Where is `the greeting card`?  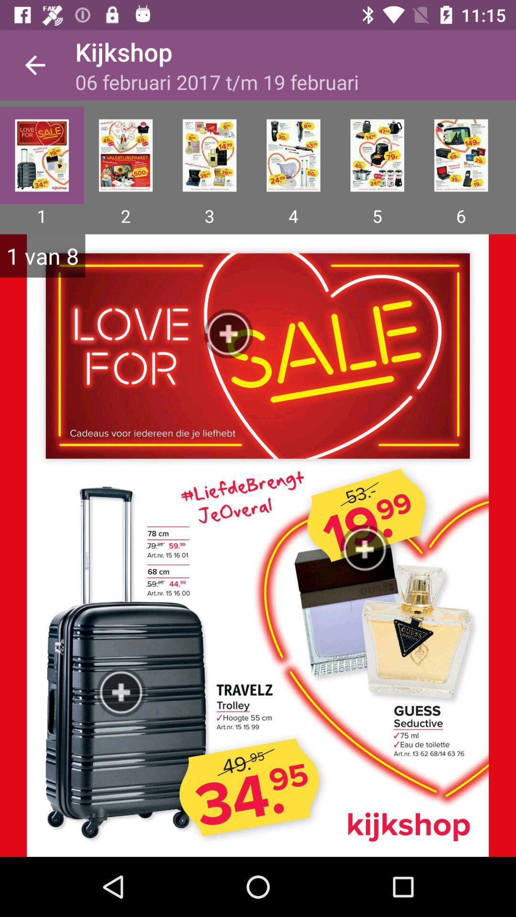
the greeting card is located at coordinates (293, 155).